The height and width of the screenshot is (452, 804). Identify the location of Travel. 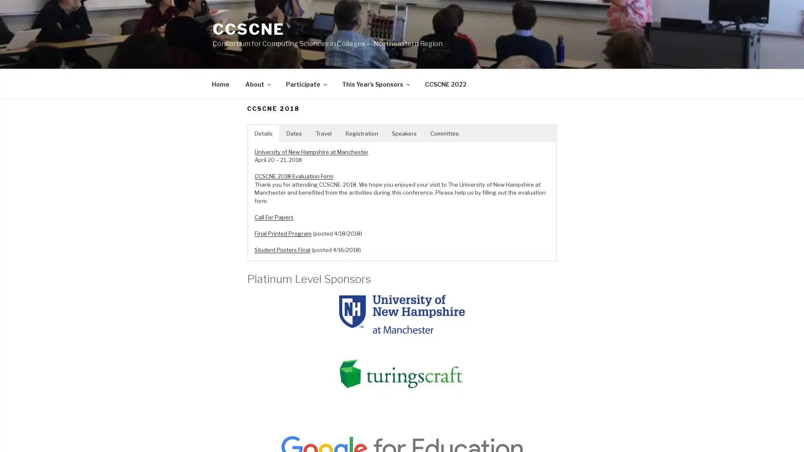
(323, 132).